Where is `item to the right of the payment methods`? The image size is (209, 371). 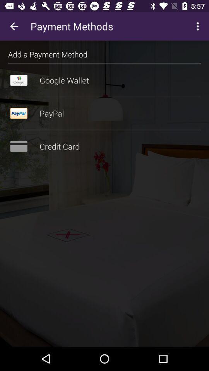 item to the right of the payment methods is located at coordinates (199, 26).